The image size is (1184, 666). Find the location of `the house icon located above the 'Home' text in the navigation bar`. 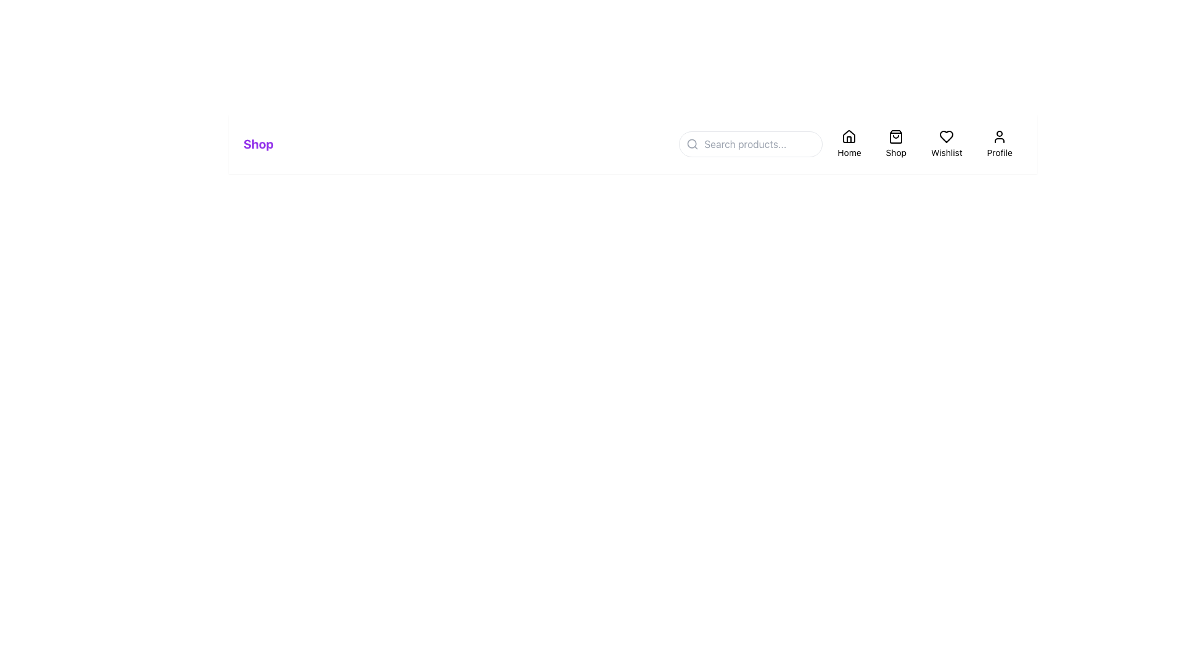

the house icon located above the 'Home' text in the navigation bar is located at coordinates (849, 137).